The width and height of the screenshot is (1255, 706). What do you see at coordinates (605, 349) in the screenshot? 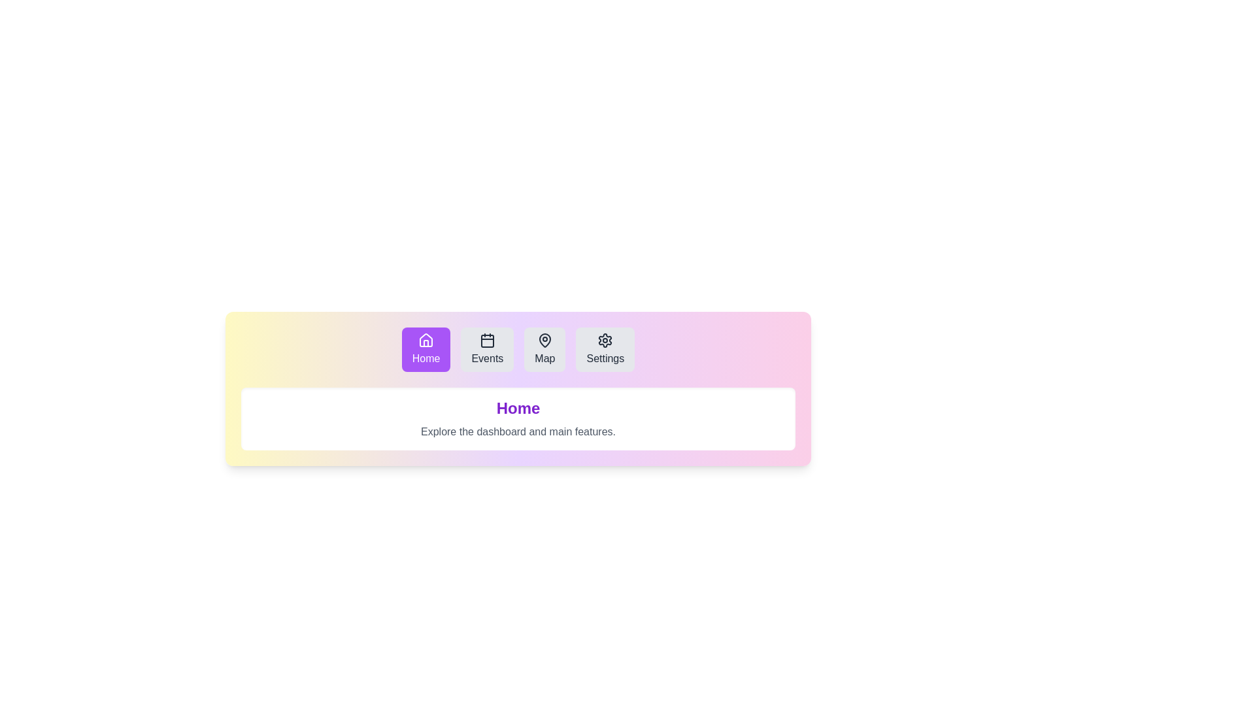
I see `the Settings tab to select it` at bounding box center [605, 349].